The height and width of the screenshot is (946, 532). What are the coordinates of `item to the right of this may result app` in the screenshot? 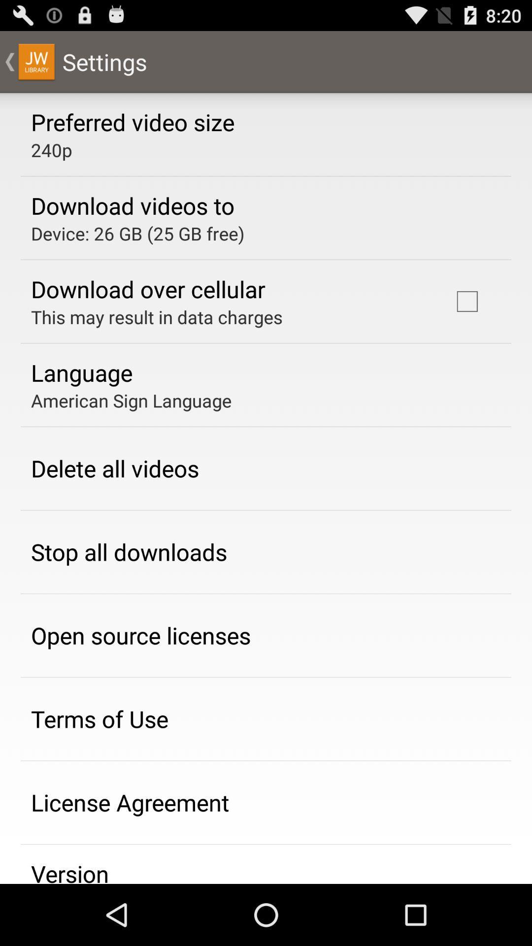 It's located at (466, 301).